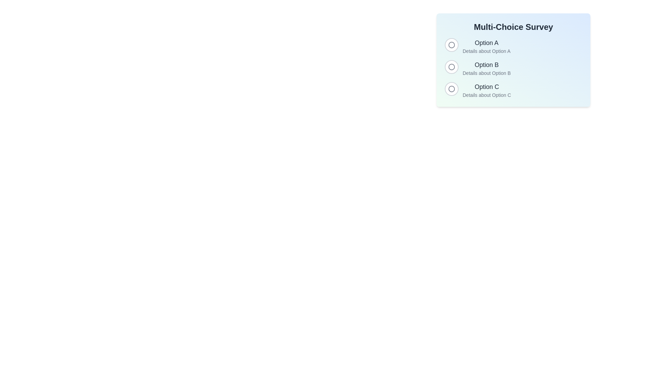 The image size is (659, 371). Describe the element at coordinates (486, 95) in the screenshot. I see `the text label displaying 'Details about Option C', which is located directly below the bold label 'Option C' in the survey interface` at that location.